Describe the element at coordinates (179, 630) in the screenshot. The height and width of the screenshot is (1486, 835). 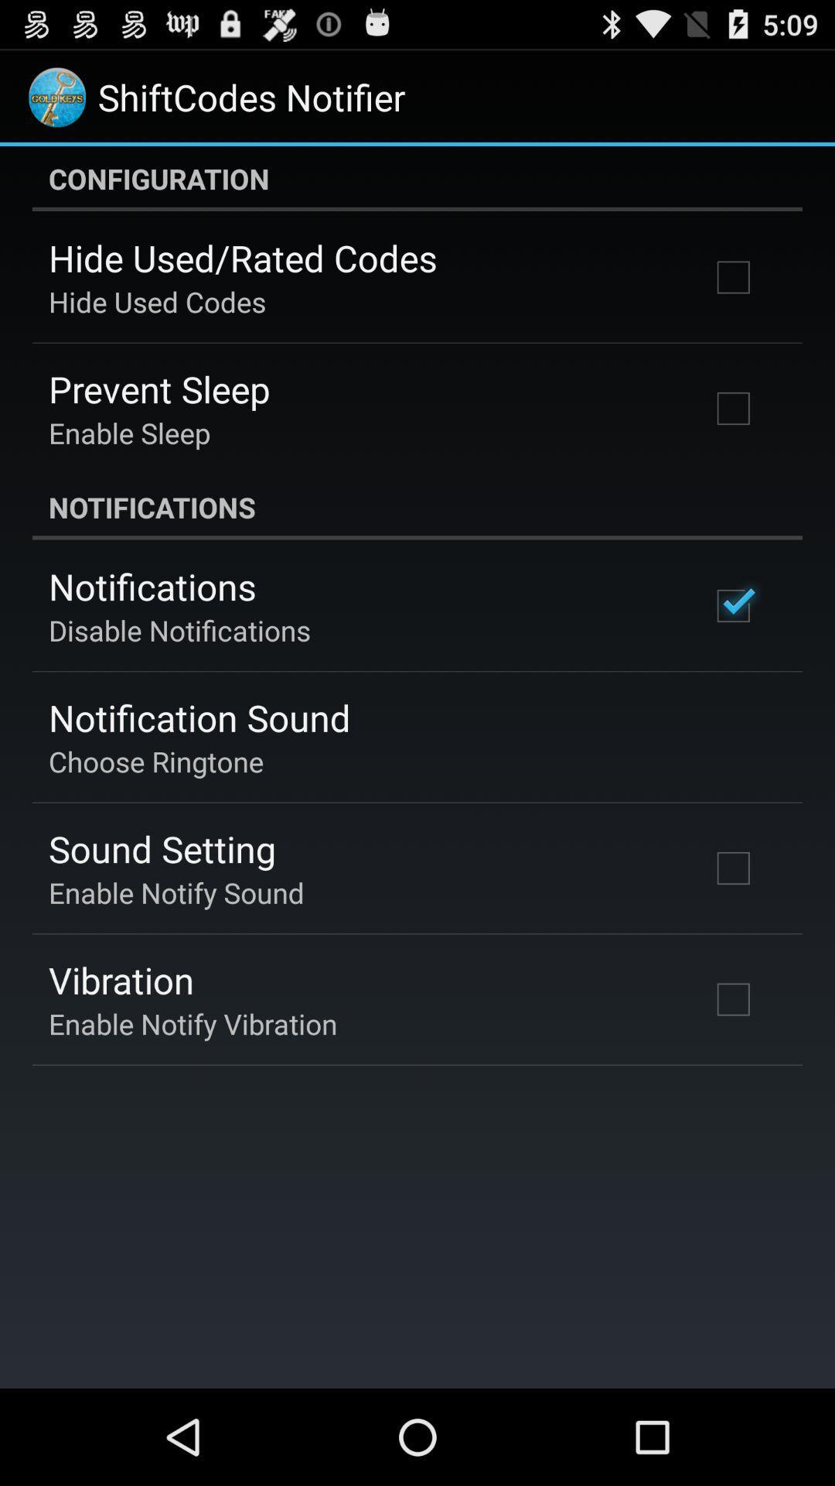
I see `the app above notification sound icon` at that location.